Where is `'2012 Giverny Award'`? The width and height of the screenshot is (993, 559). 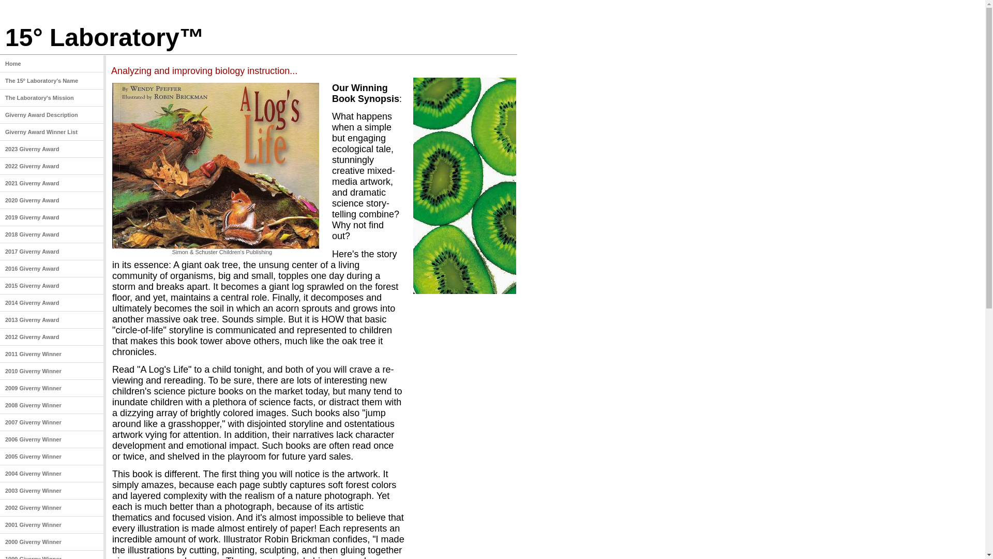 '2012 Giverny Award' is located at coordinates (51, 337).